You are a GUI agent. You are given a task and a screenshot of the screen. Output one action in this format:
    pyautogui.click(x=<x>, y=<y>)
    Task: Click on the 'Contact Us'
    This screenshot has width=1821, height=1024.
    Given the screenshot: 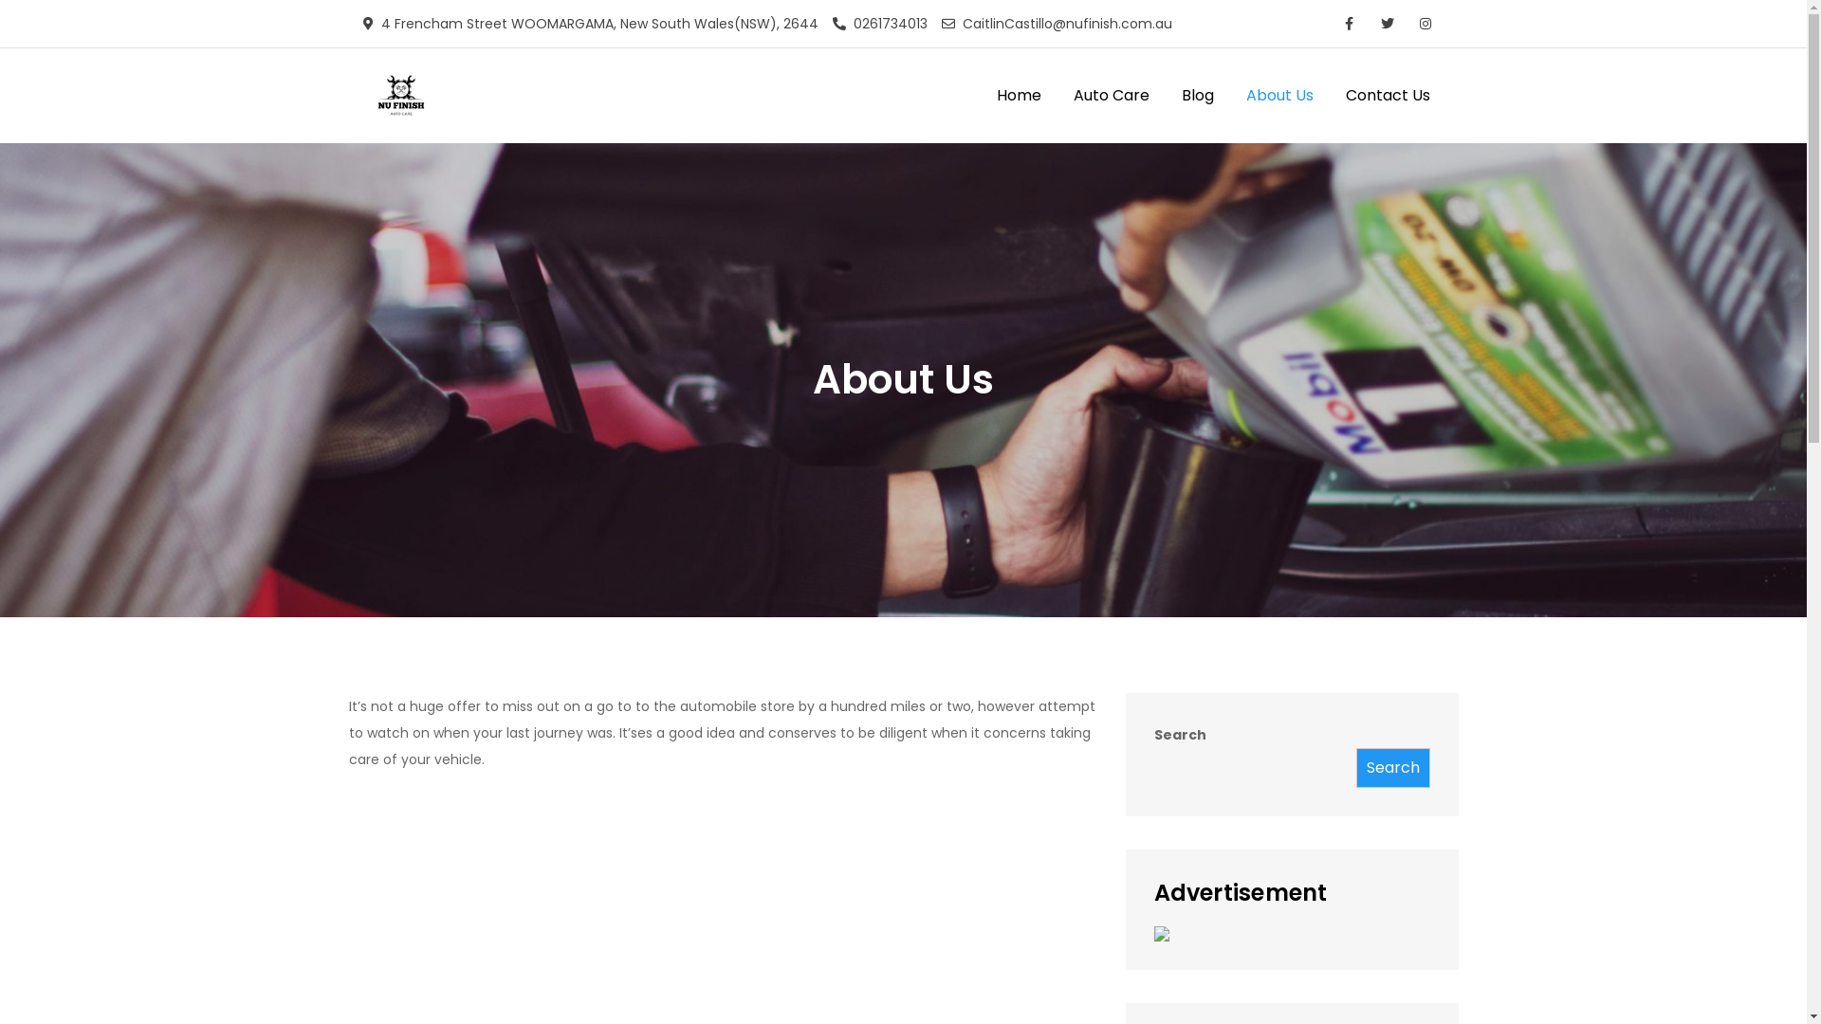 What is the action you would take?
    pyautogui.click(x=1388, y=95)
    